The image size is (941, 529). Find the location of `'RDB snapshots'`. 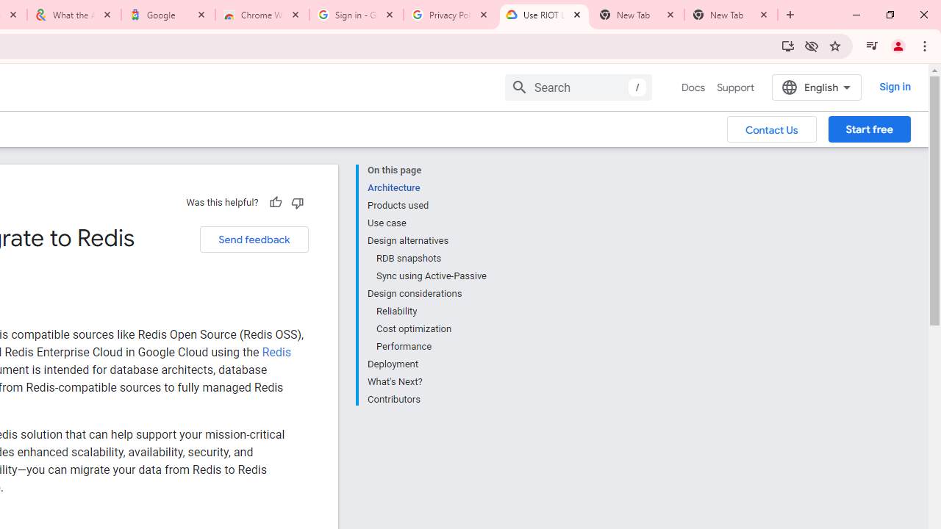

'RDB snapshots' is located at coordinates (430, 258).